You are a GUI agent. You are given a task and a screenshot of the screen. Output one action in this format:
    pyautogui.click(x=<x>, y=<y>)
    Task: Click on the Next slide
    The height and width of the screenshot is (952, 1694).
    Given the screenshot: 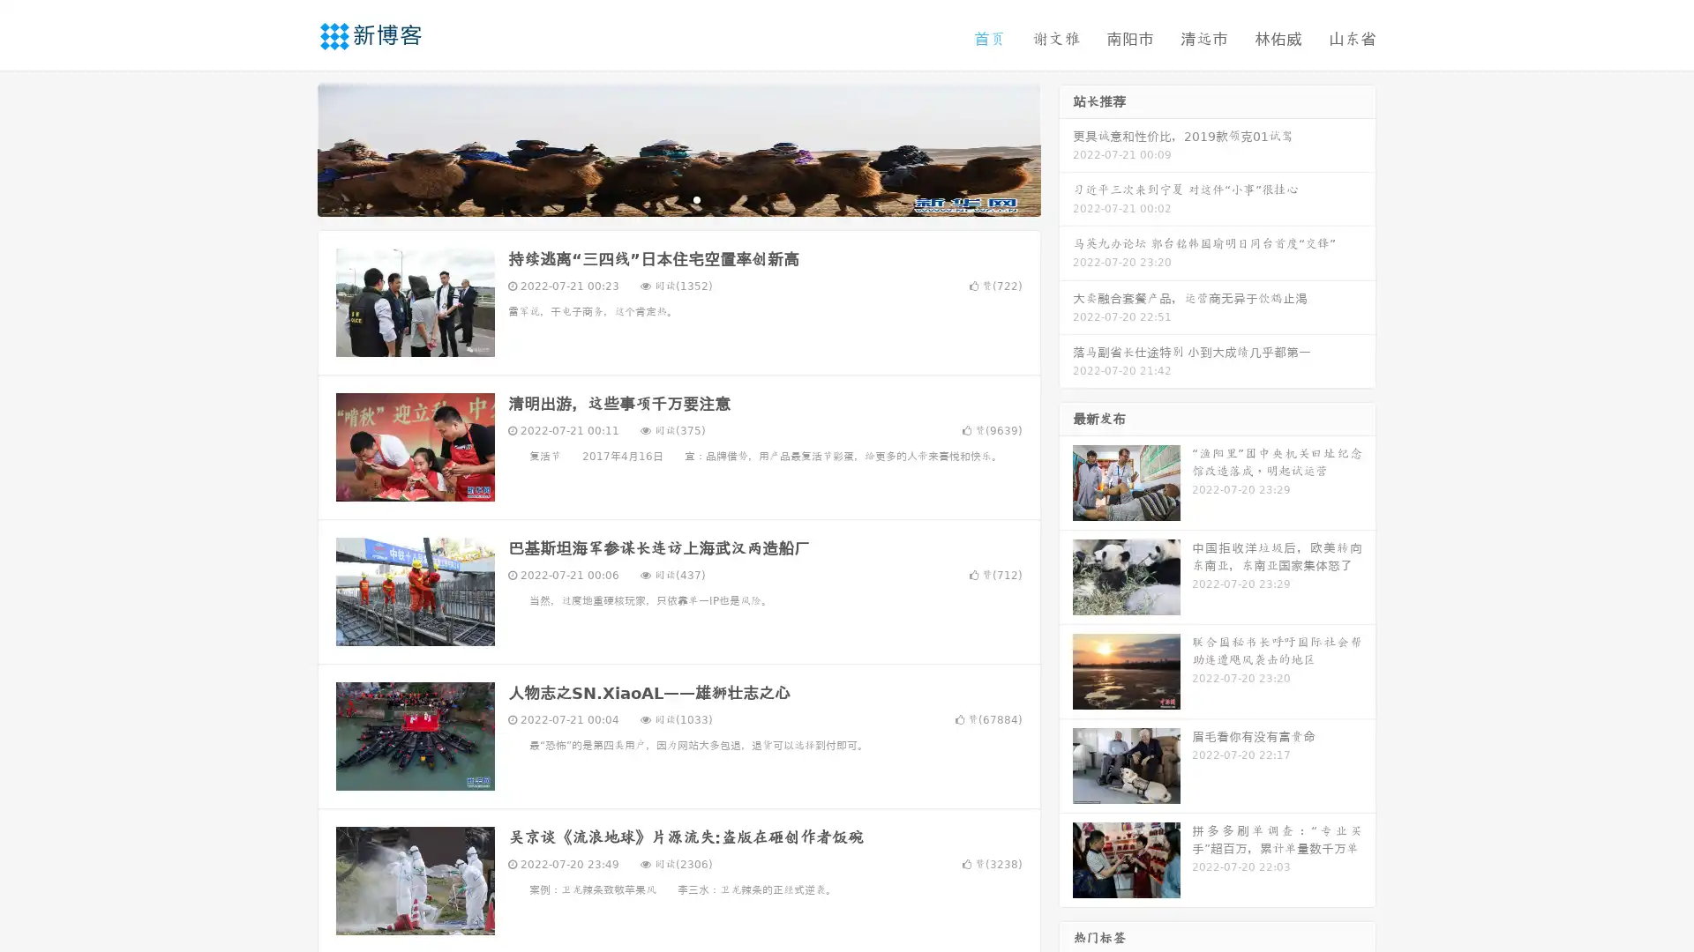 What is the action you would take?
    pyautogui.click(x=1066, y=148)
    